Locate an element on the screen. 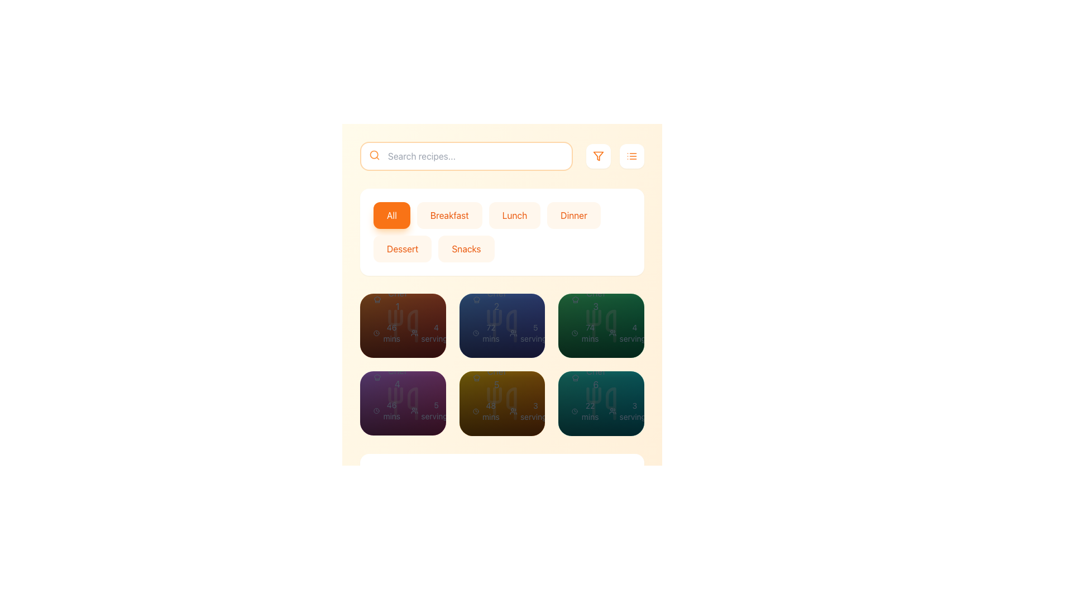 This screenshot has height=603, width=1072. the content of the text element displaying 'Chef 6', which is positioned within the sixth recipe card in the bottom row, third column is located at coordinates (589, 377).